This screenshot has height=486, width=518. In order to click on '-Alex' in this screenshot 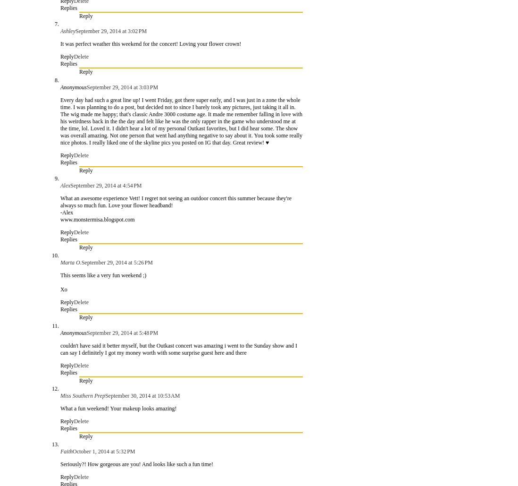, I will do `click(67, 212)`.